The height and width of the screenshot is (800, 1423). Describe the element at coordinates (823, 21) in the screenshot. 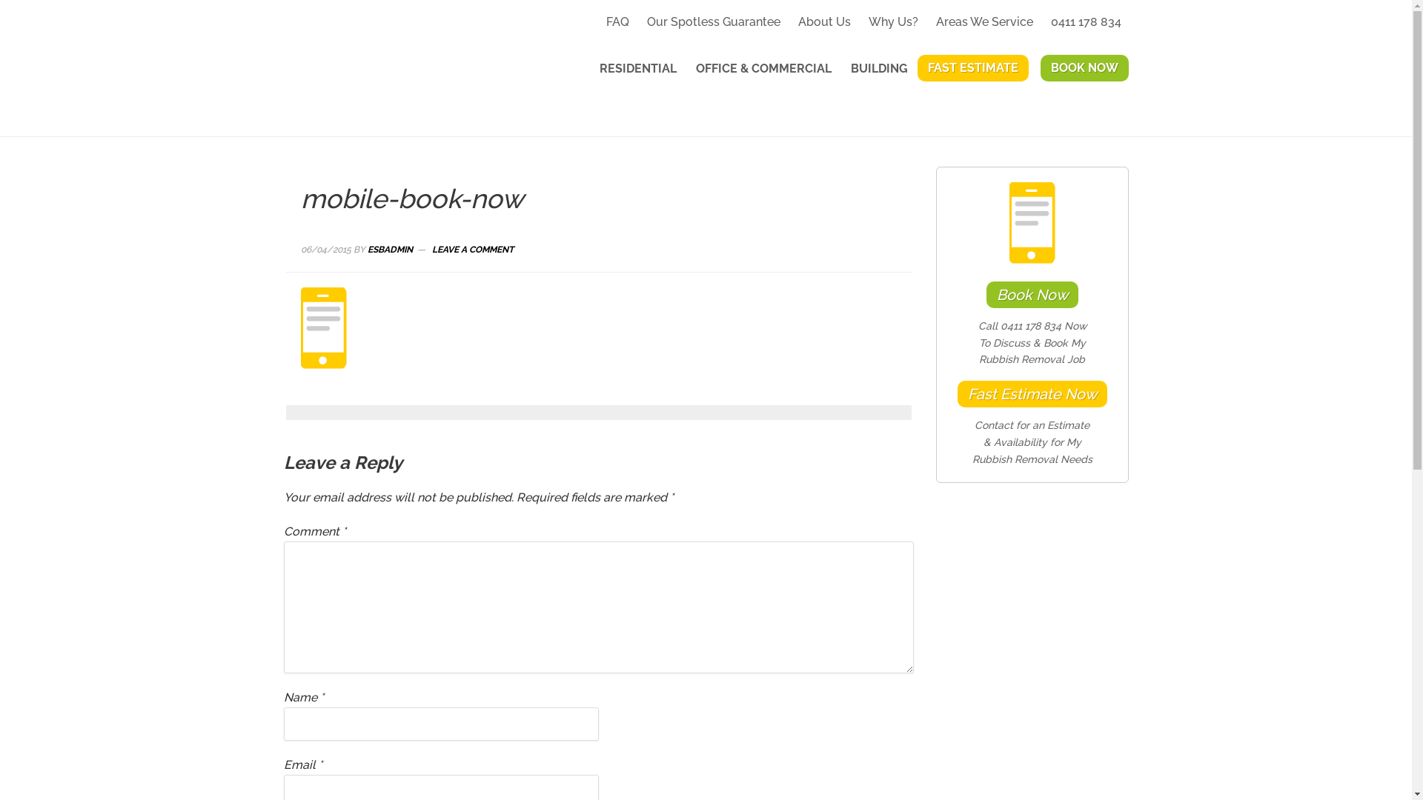

I see `'About Us'` at that location.